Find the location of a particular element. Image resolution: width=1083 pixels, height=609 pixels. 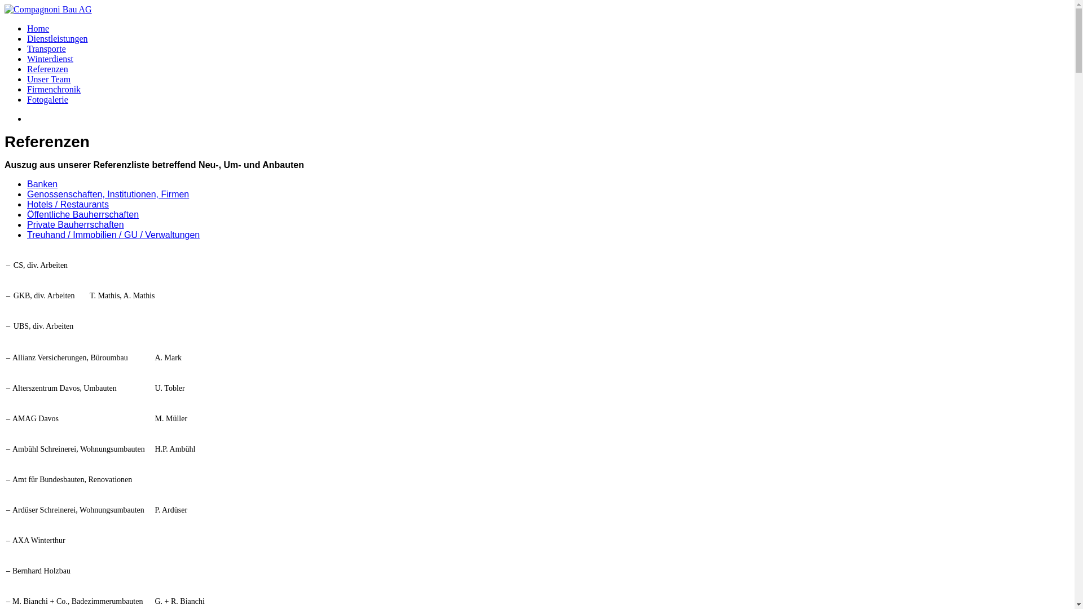

'Winterdienst' is located at coordinates (50, 59).